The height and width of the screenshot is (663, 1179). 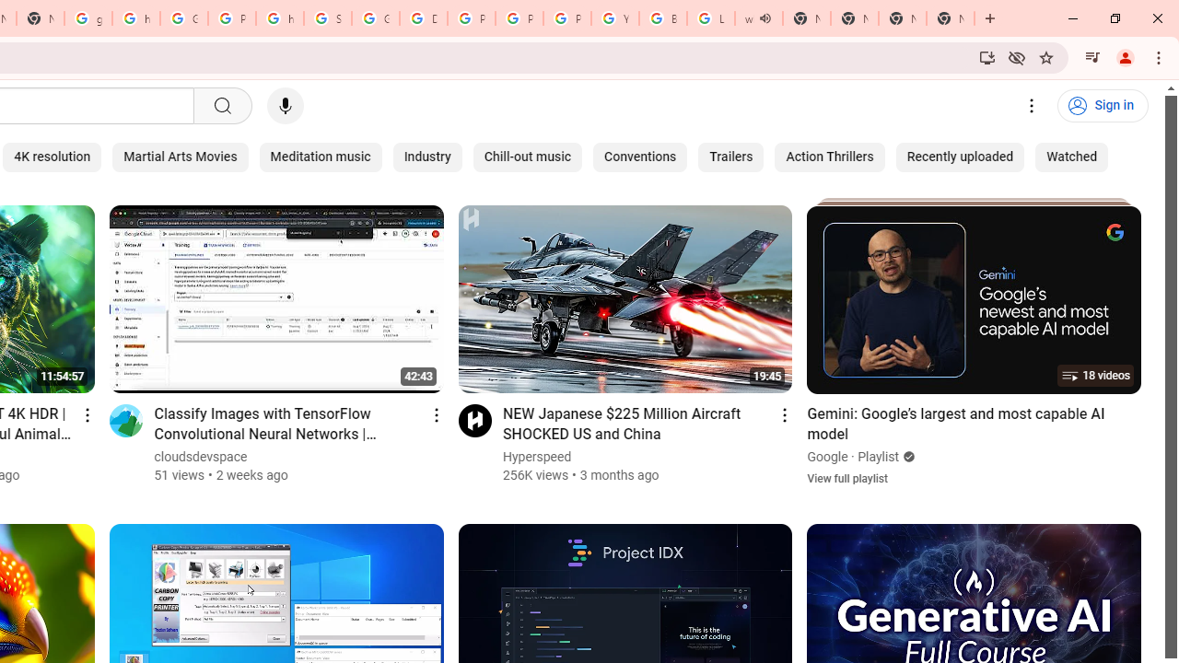 I want to click on 'Google', so click(x=826, y=456).